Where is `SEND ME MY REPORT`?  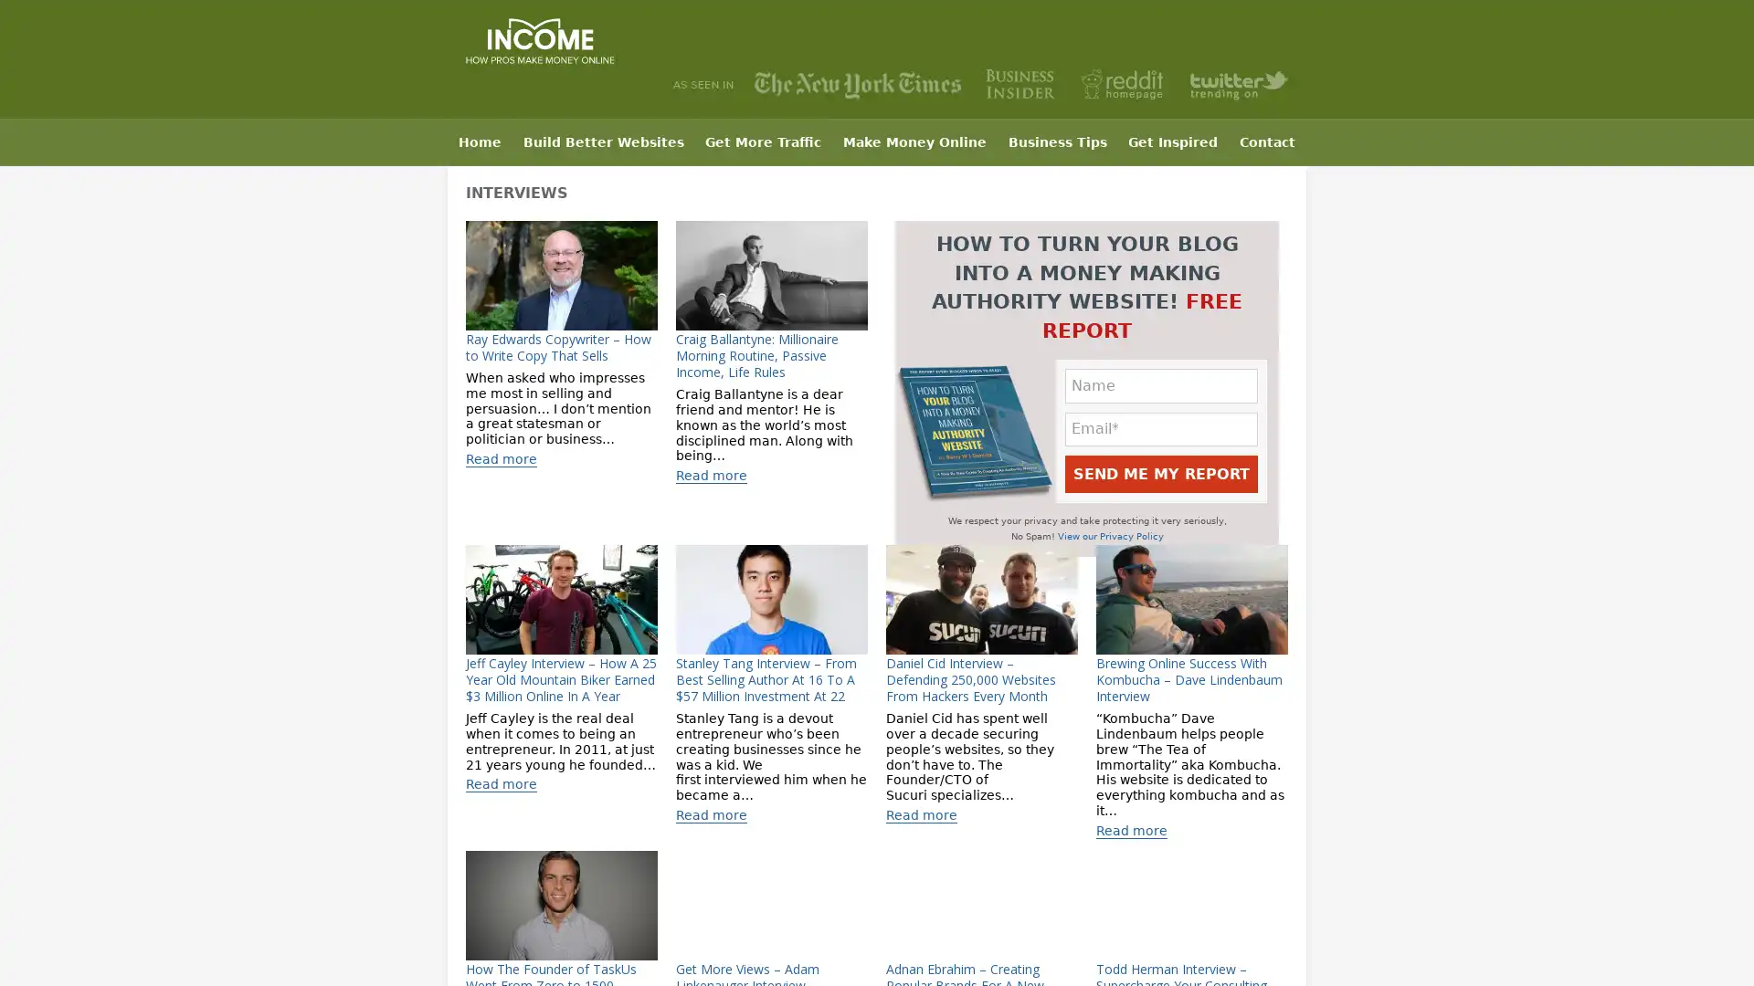
SEND ME MY REPORT is located at coordinates (1160, 473).